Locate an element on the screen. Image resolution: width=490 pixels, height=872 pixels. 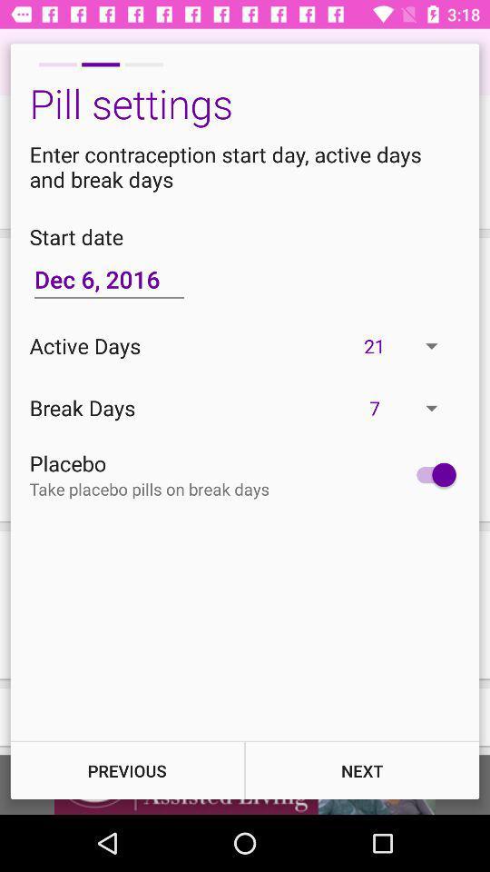
placebo option is located at coordinates (431, 473).